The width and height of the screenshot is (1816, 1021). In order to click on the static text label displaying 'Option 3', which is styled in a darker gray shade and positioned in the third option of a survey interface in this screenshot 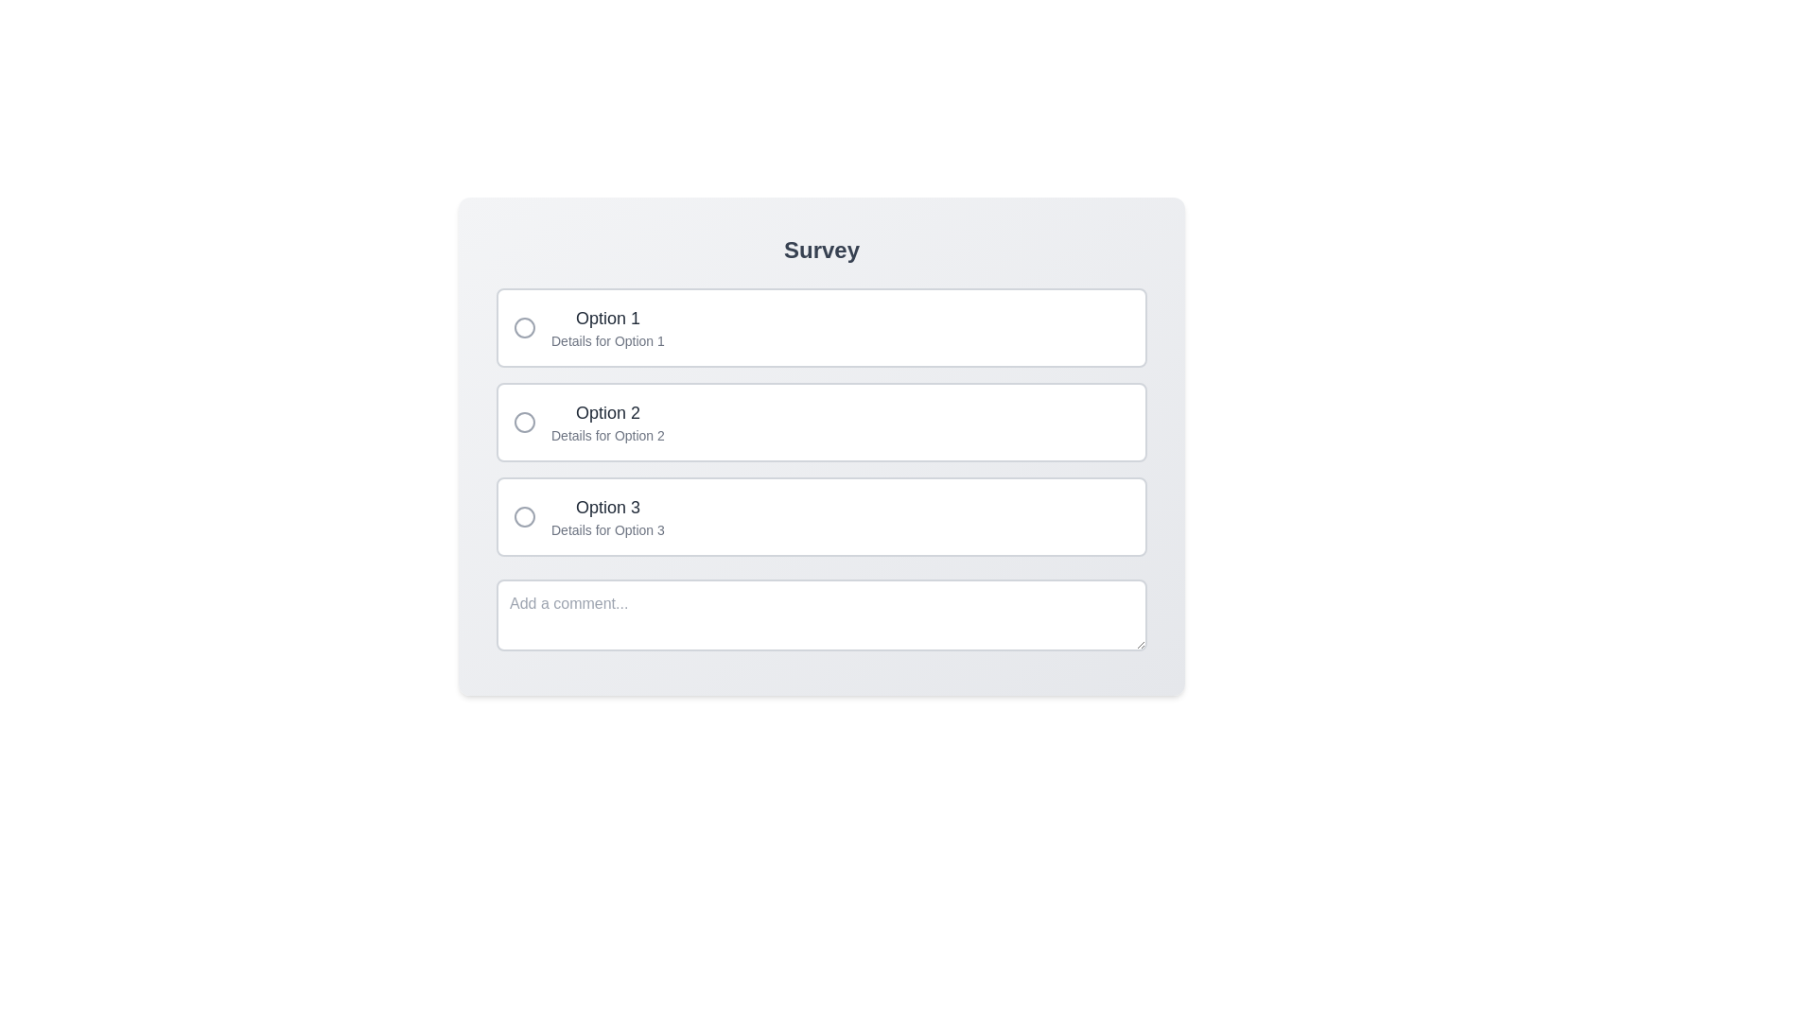, I will do `click(608, 506)`.